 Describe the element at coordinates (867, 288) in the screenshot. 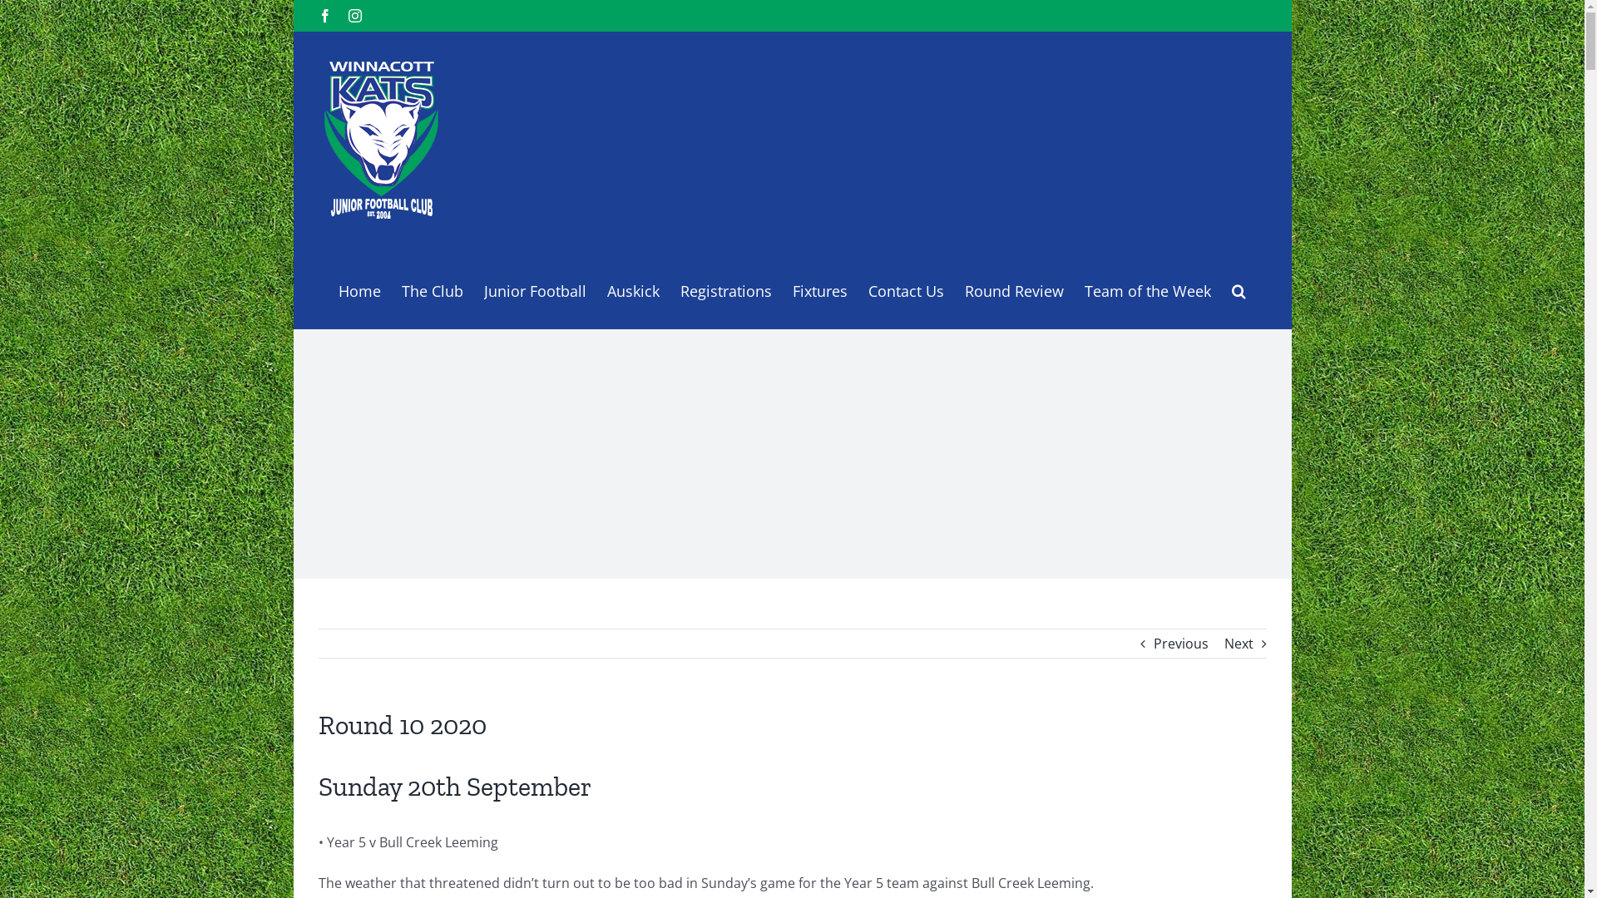

I see `'Contact Us'` at that location.